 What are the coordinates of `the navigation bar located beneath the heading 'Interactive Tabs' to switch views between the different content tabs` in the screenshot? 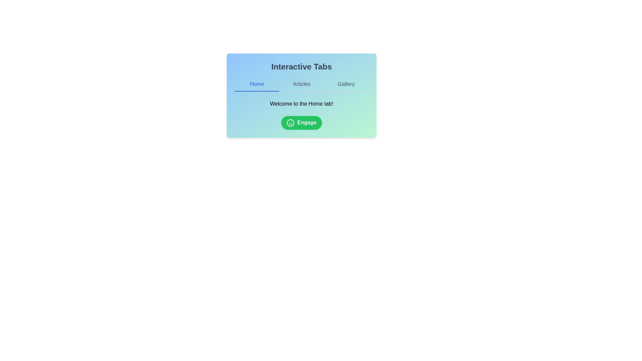 It's located at (301, 84).